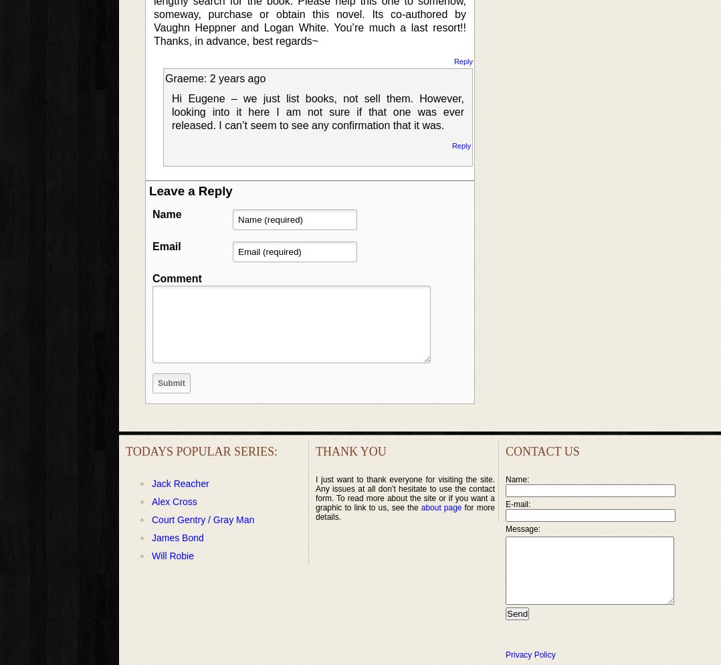 This screenshot has height=665, width=721. I want to click on 'Message:', so click(522, 529).